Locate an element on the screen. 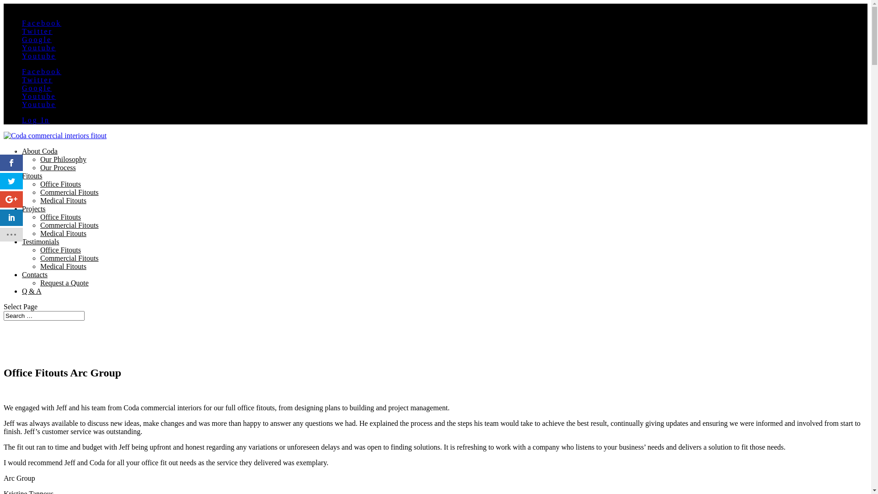  'Twitter' is located at coordinates (37, 79).